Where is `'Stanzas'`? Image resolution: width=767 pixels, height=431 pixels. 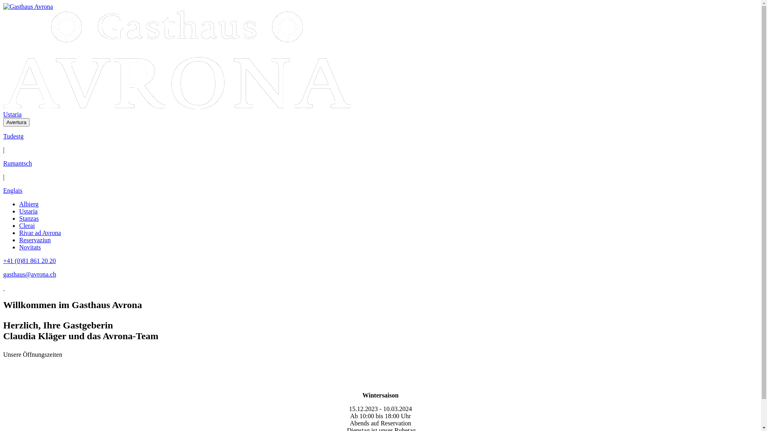 'Stanzas' is located at coordinates (29, 218).